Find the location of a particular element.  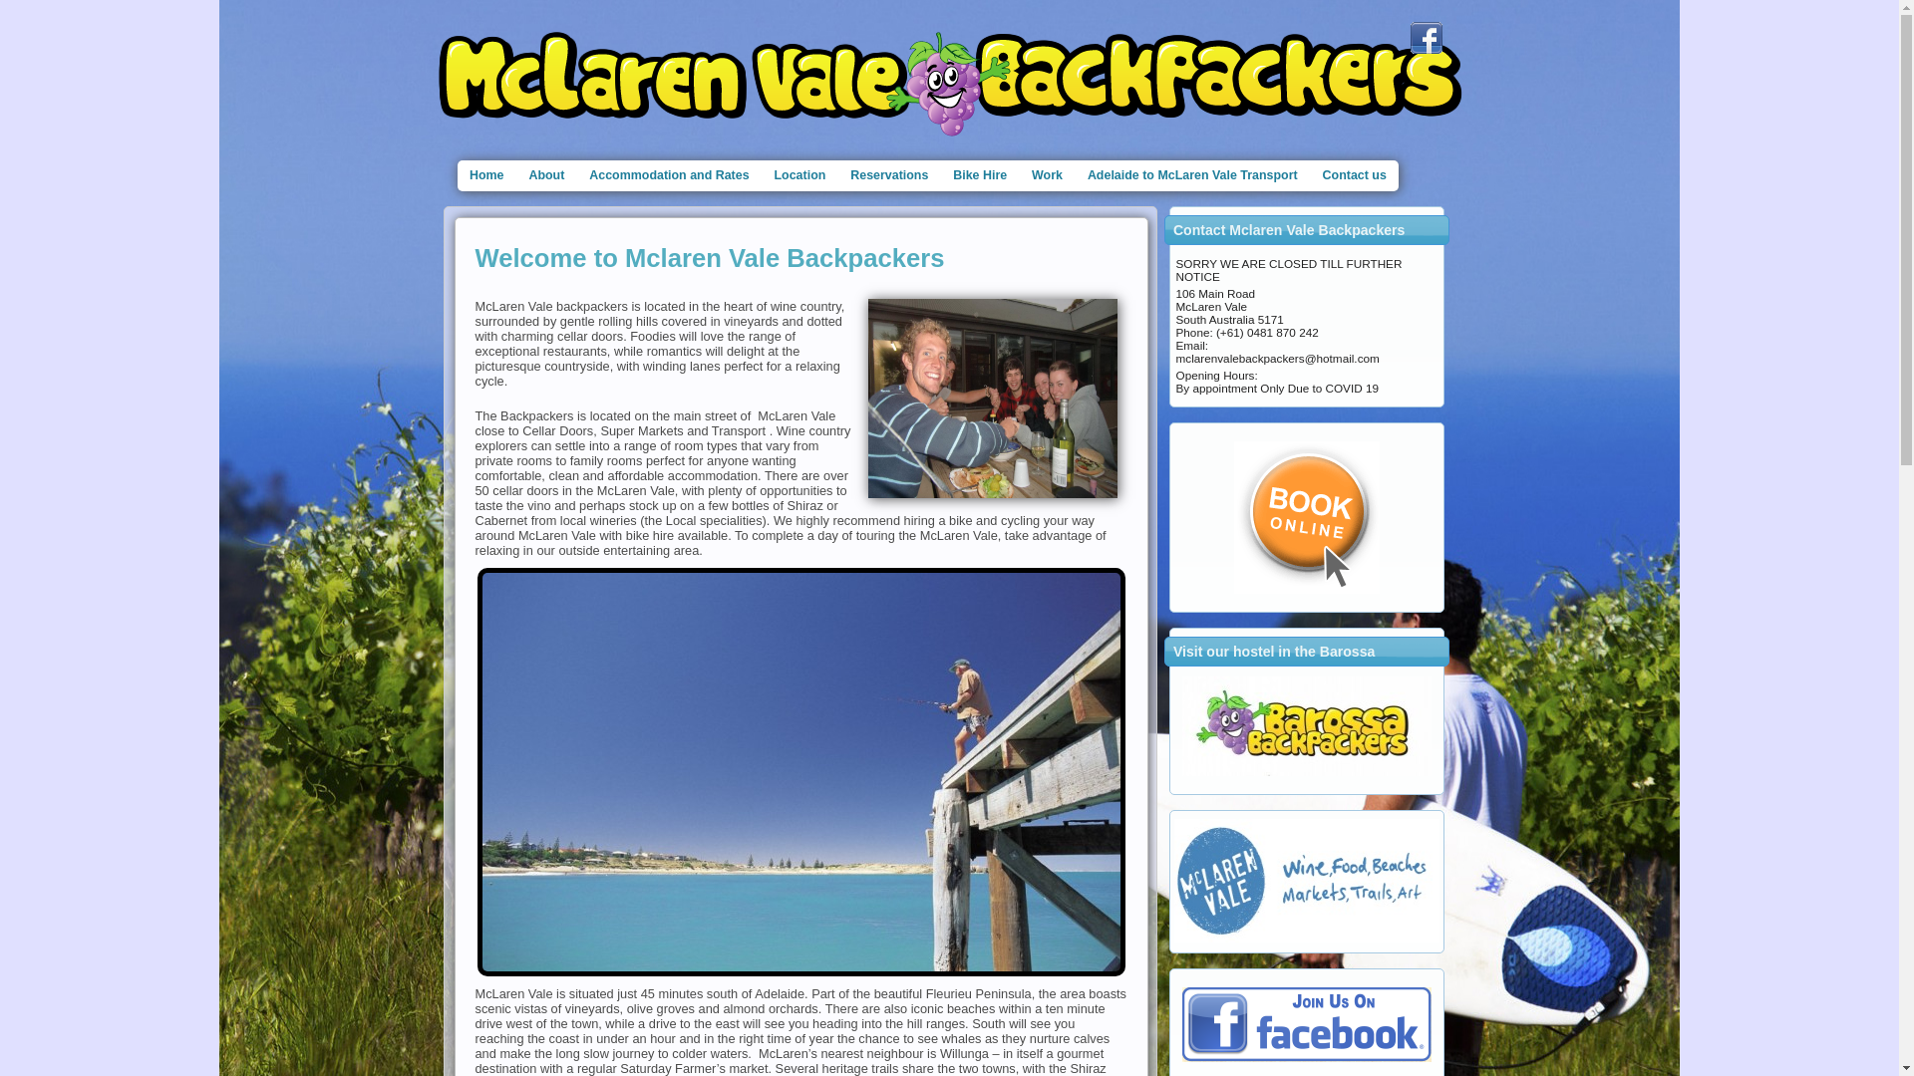

'Welcome to Mclaren Vale Backpackers' is located at coordinates (709, 256).